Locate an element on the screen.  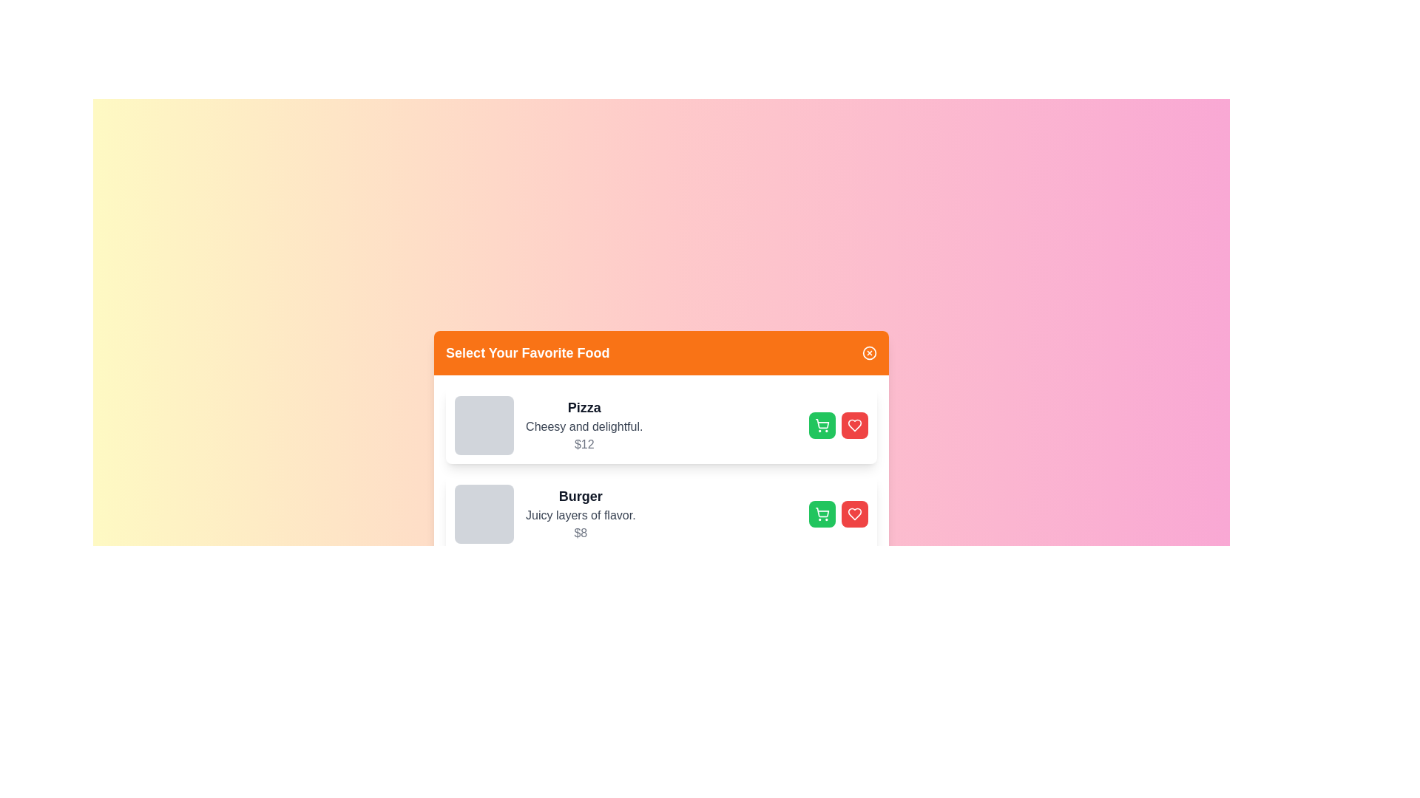
favorite button for the food item identified by its name Burger is located at coordinates (854, 513).